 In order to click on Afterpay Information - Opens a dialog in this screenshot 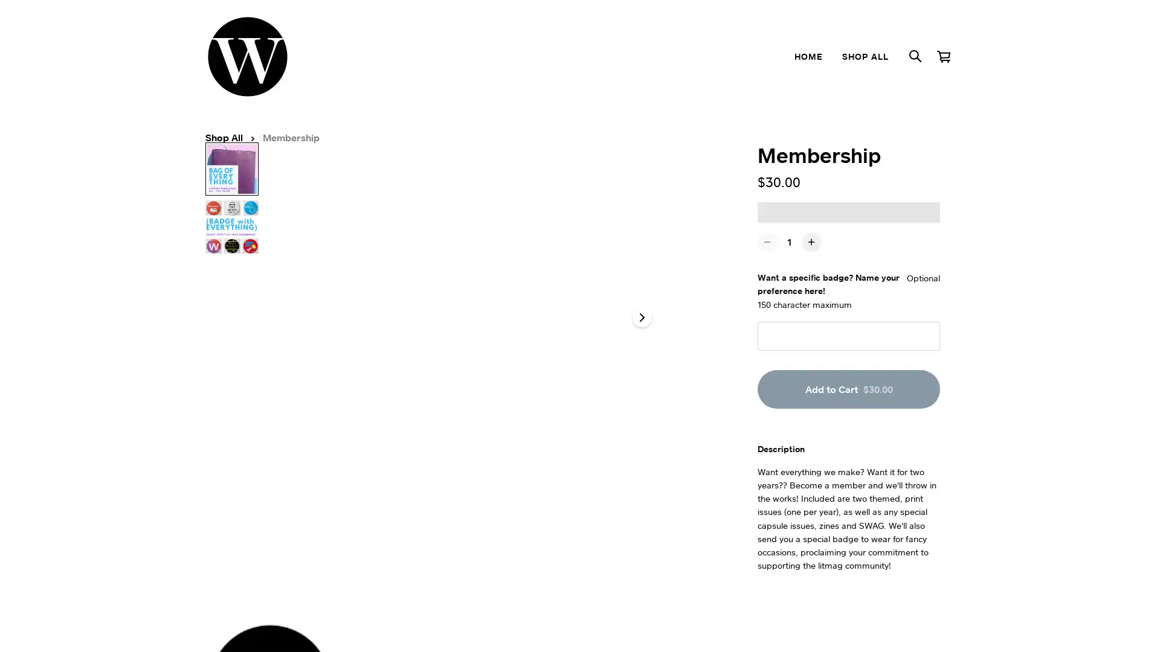, I will do `click(821, 226)`.